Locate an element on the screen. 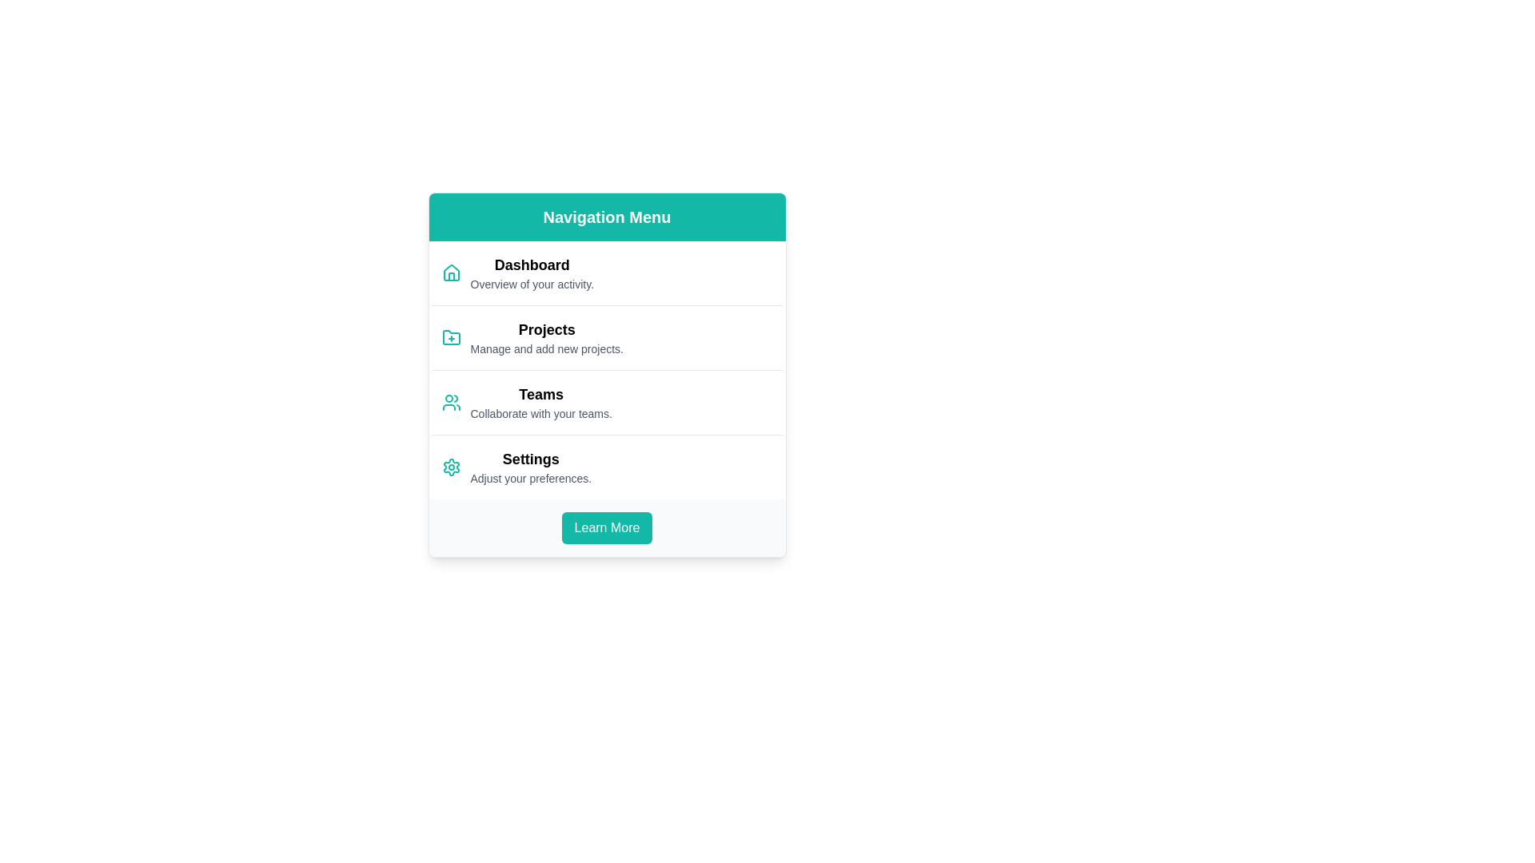 The width and height of the screenshot is (1535, 863). the 'Teams' section icon, which is located in the third section of the navigation menu, to the left of the label 'Teams' is located at coordinates (450, 402).